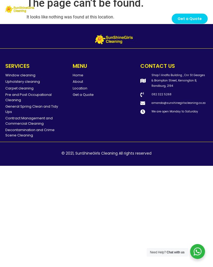 The height and width of the screenshot is (267, 213). Describe the element at coordinates (80, 65) in the screenshot. I see `'MENU'` at that location.